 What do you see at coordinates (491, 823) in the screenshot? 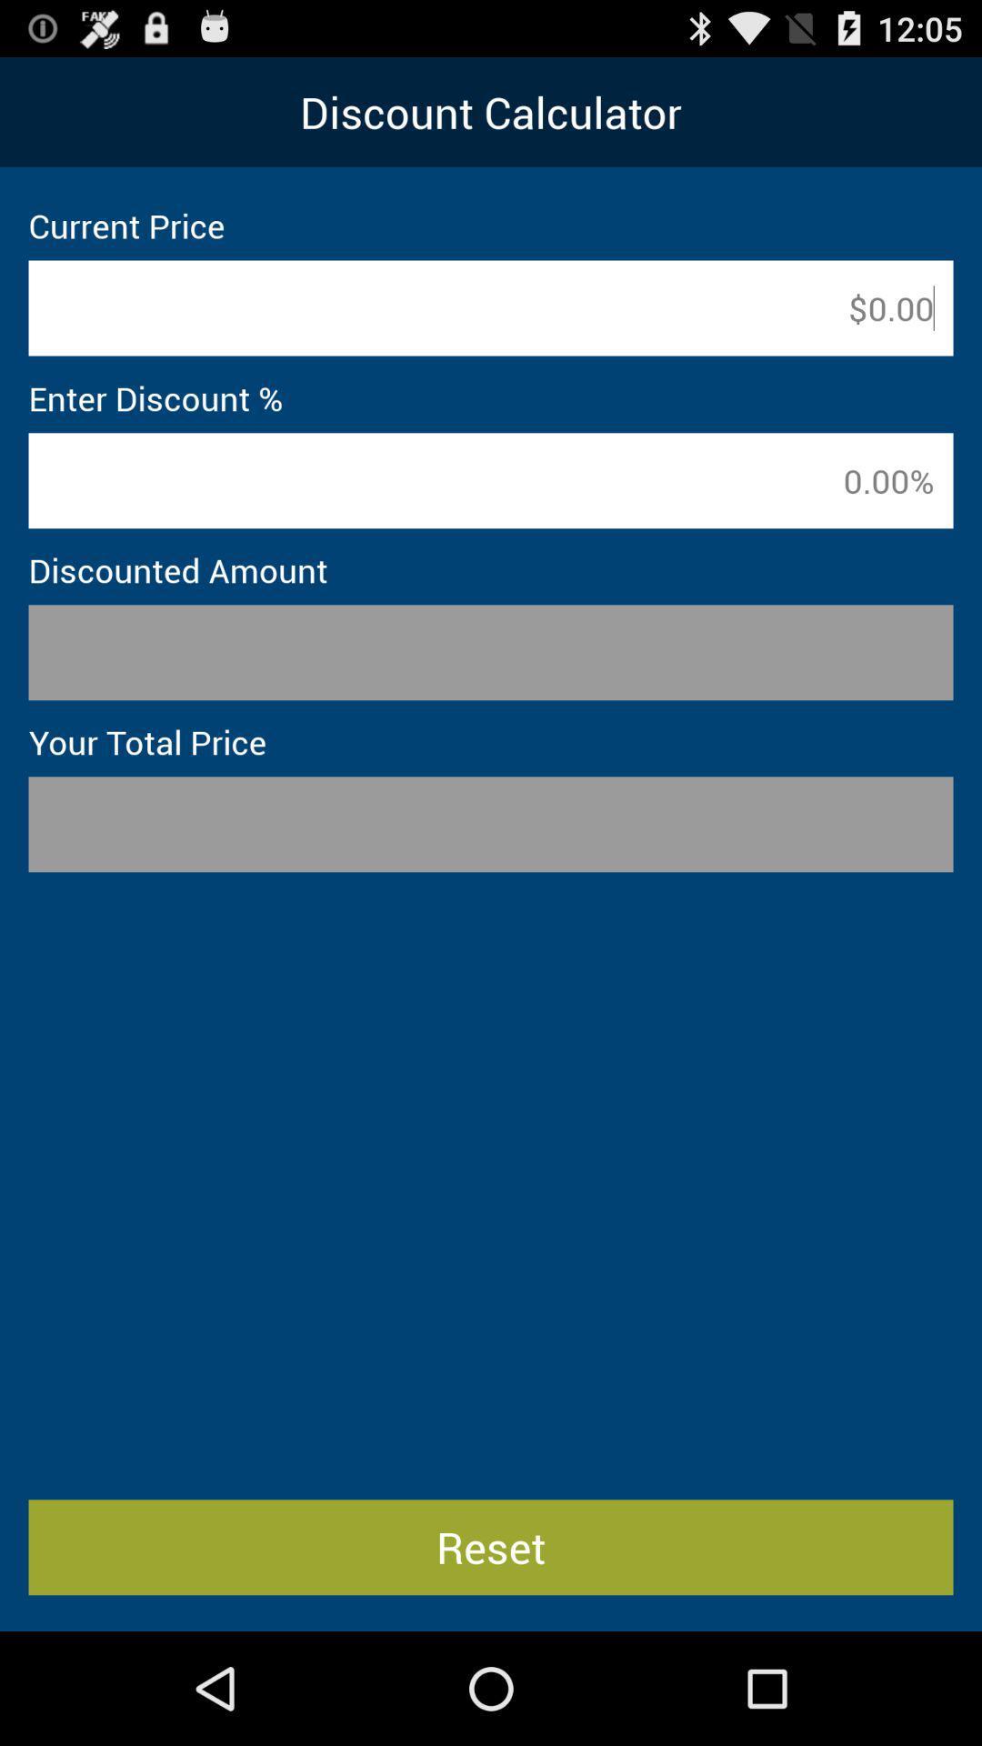
I see `total price` at bounding box center [491, 823].